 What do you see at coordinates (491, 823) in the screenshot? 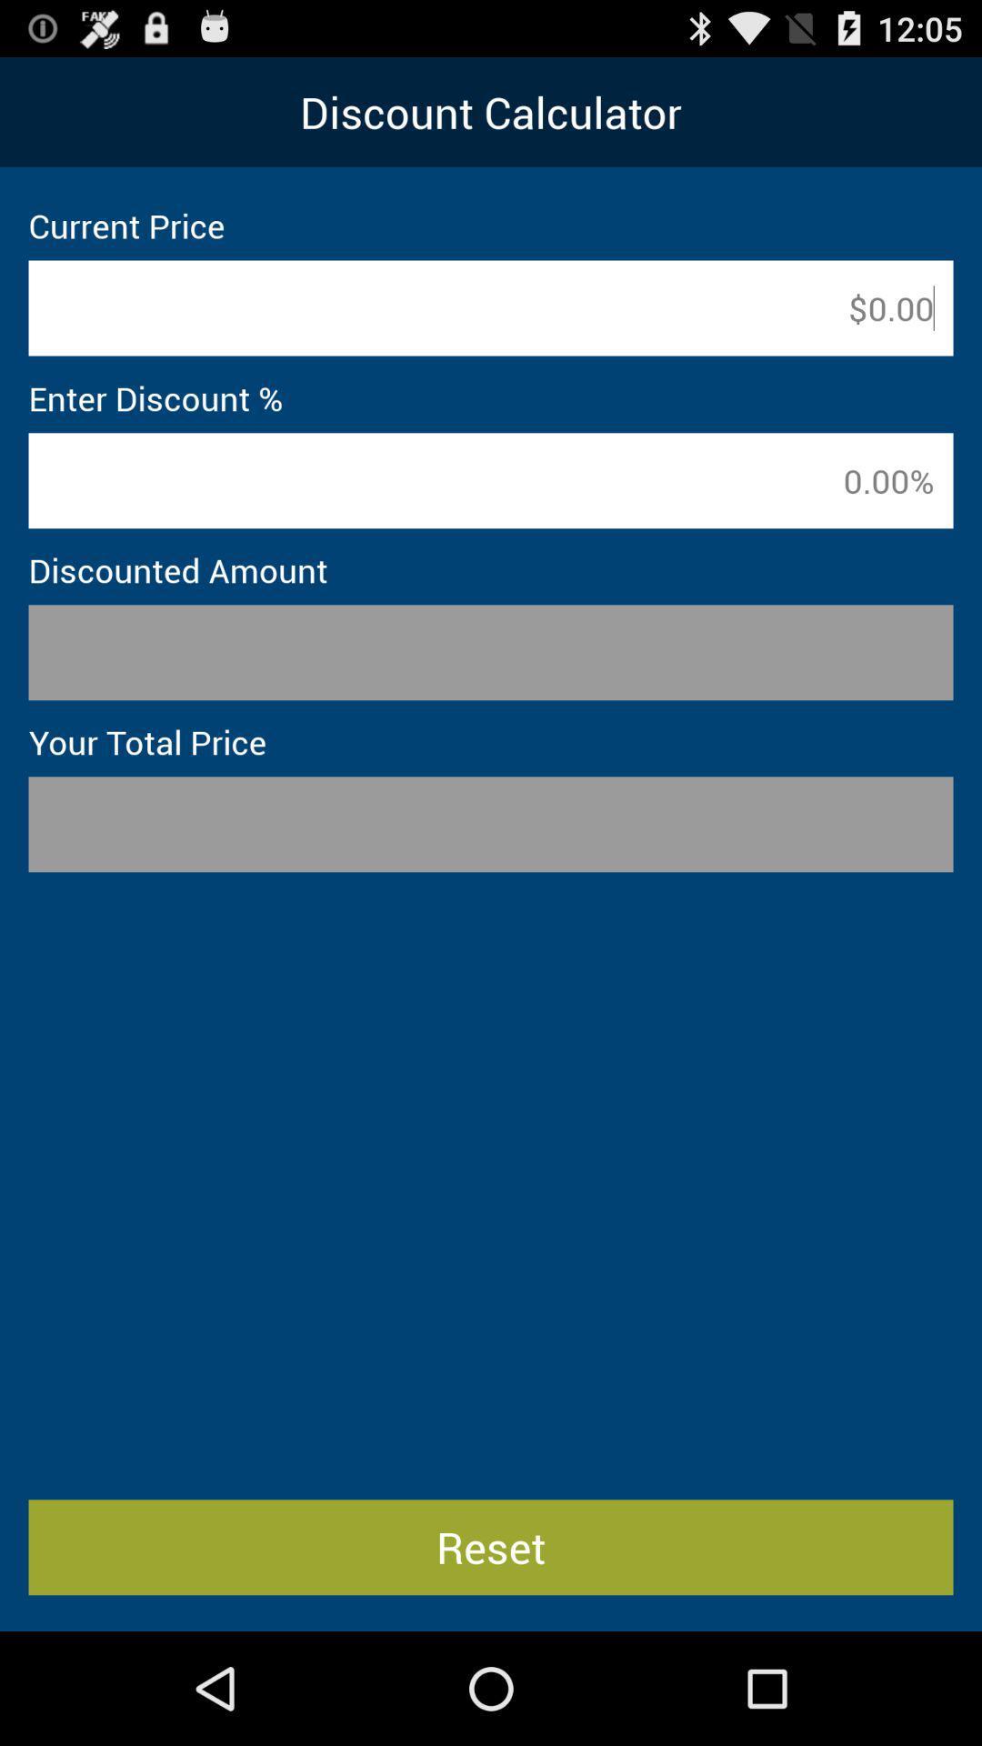
I see `total price` at bounding box center [491, 823].